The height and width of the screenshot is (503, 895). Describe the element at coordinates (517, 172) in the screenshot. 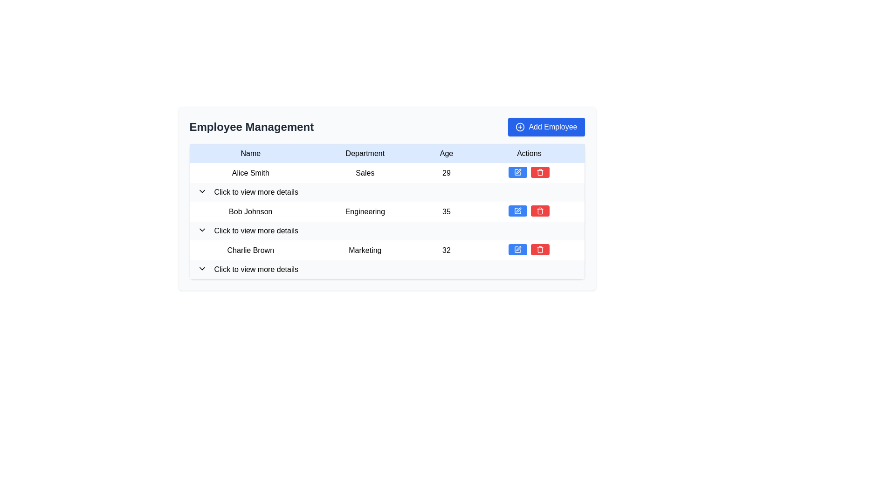

I see `the small blue pen icon located in the first row of the 'Actions' column in the 'Employee Management' interface` at that location.